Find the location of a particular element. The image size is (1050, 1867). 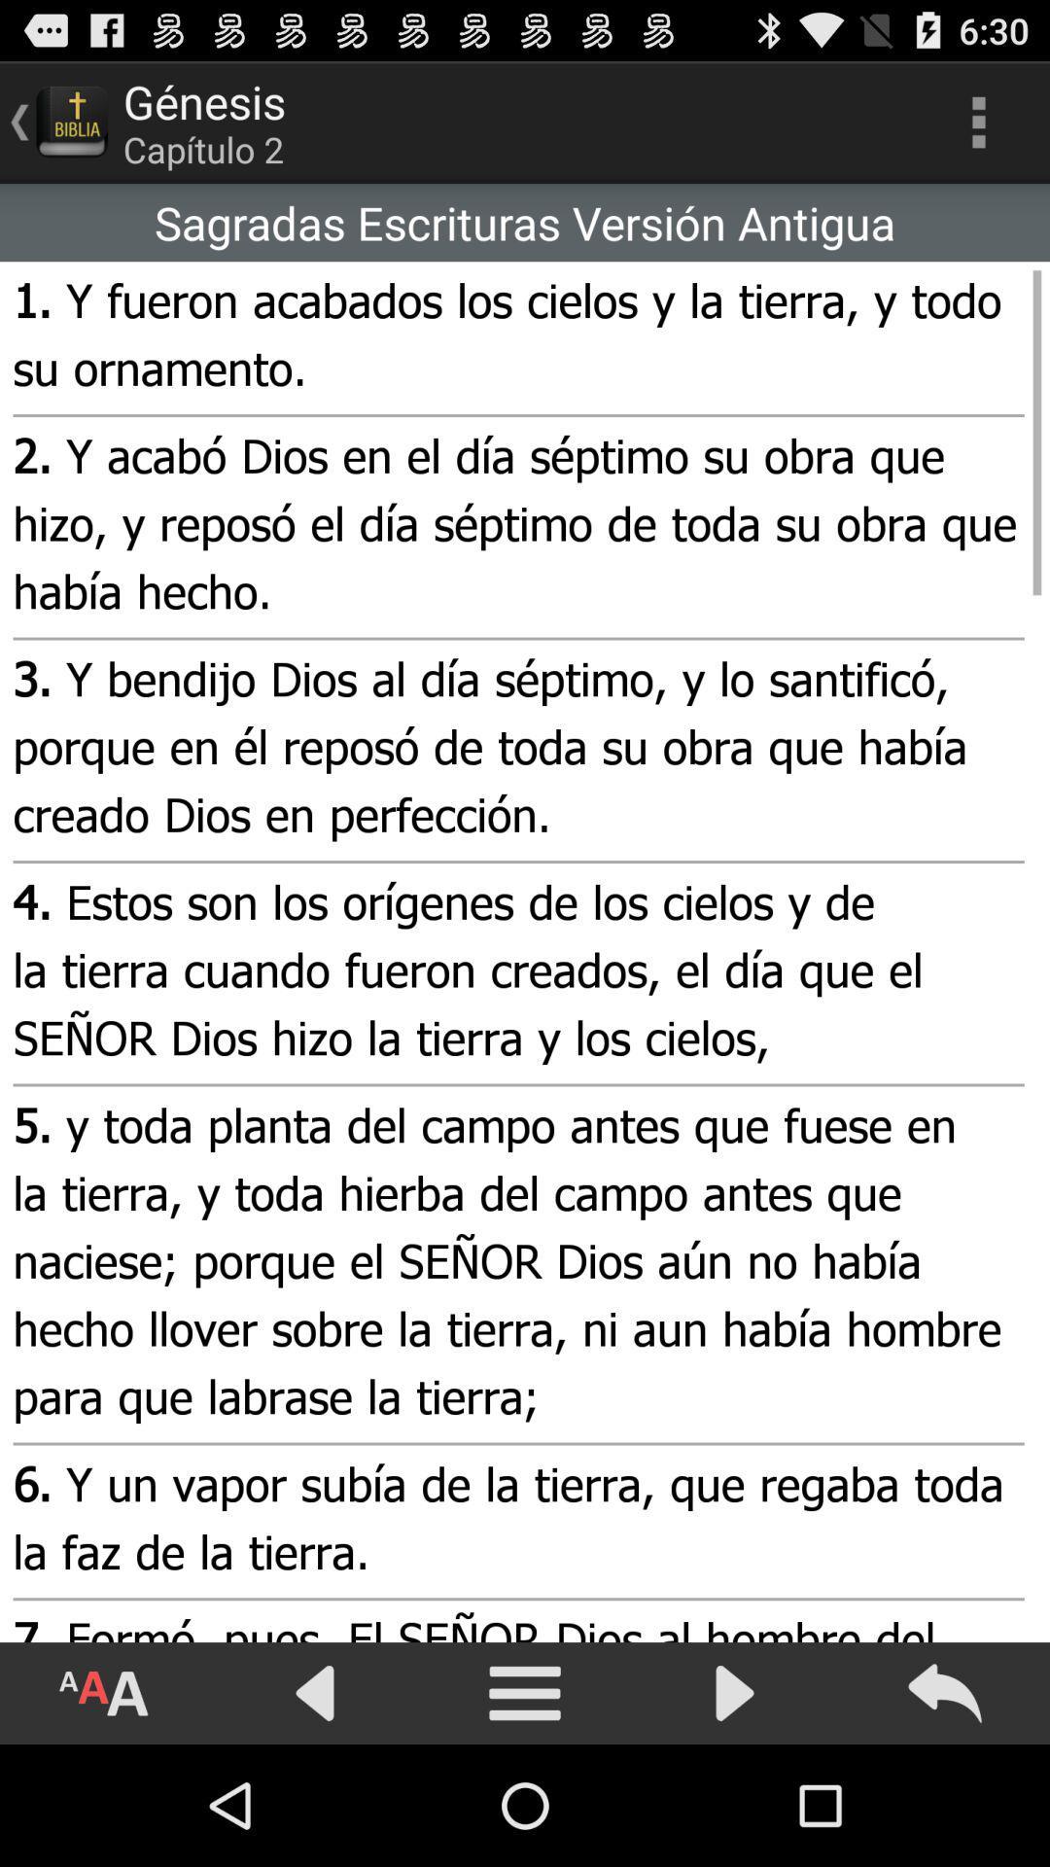

the play icon is located at coordinates (735, 1811).